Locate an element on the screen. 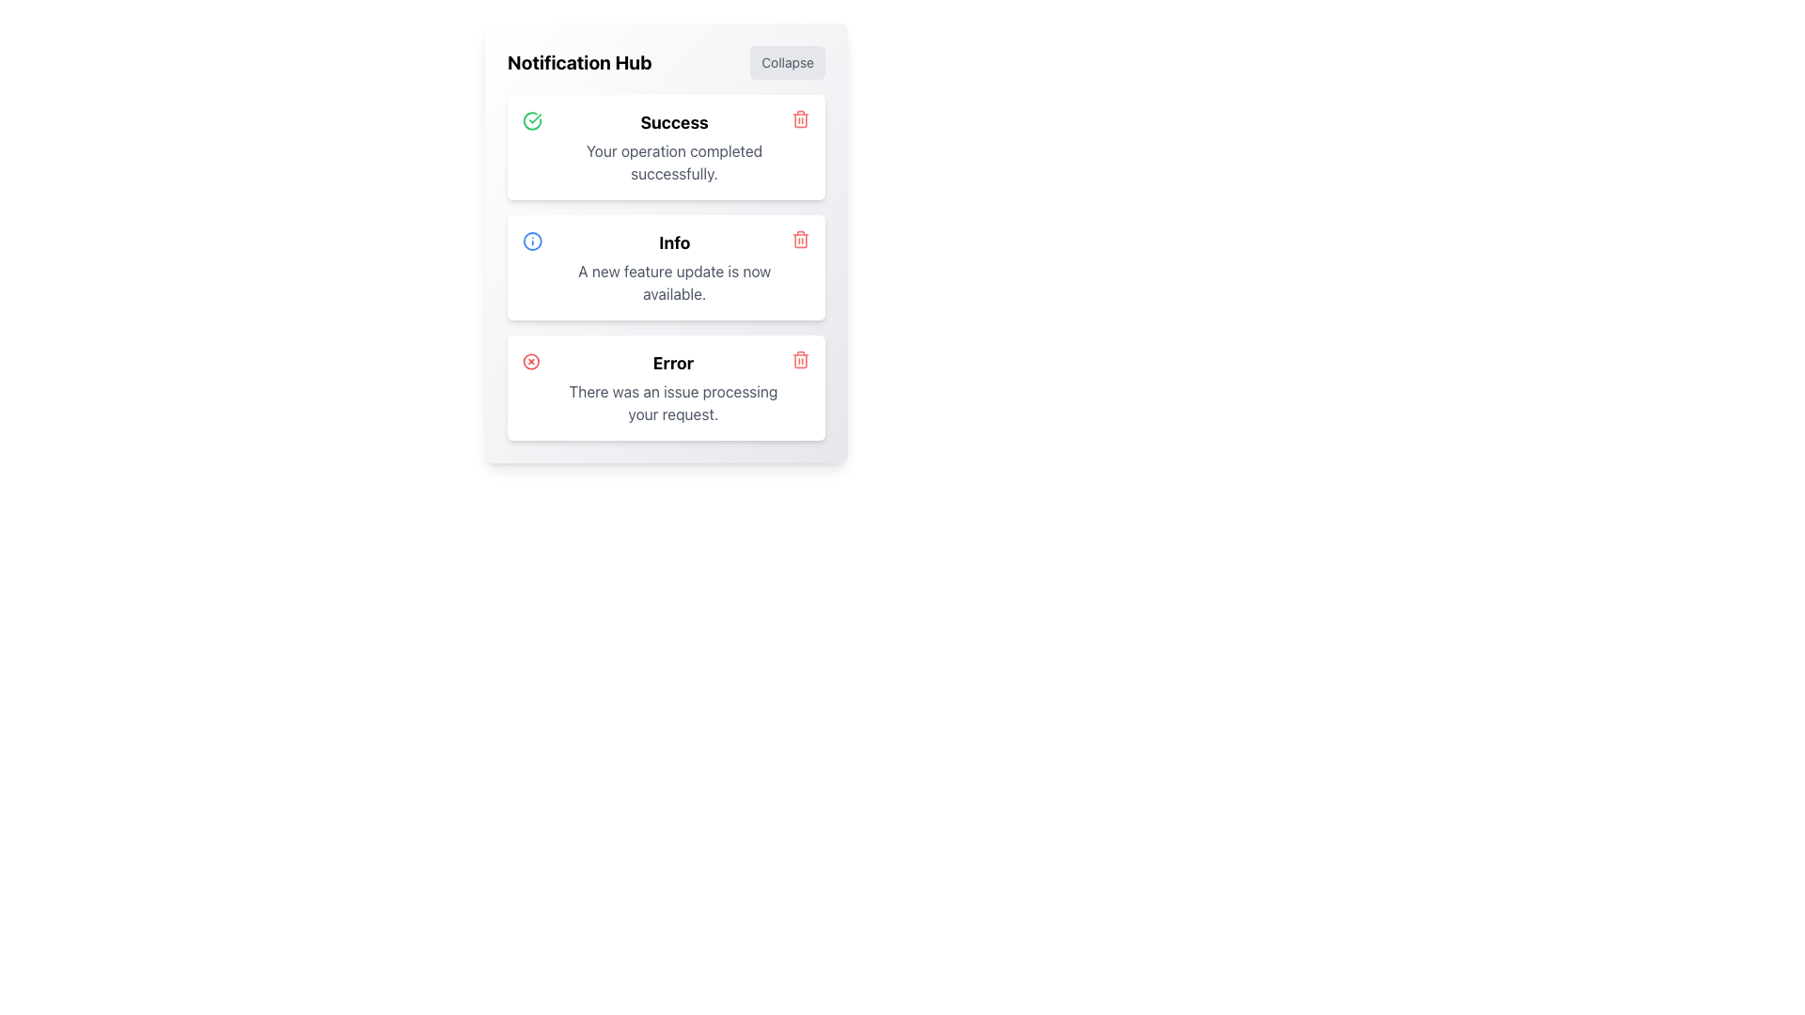  the static text label that reads 'Notification Hub', which is styled in bold font and larger text size, located in the top-left section of the header is located at coordinates (578, 61).